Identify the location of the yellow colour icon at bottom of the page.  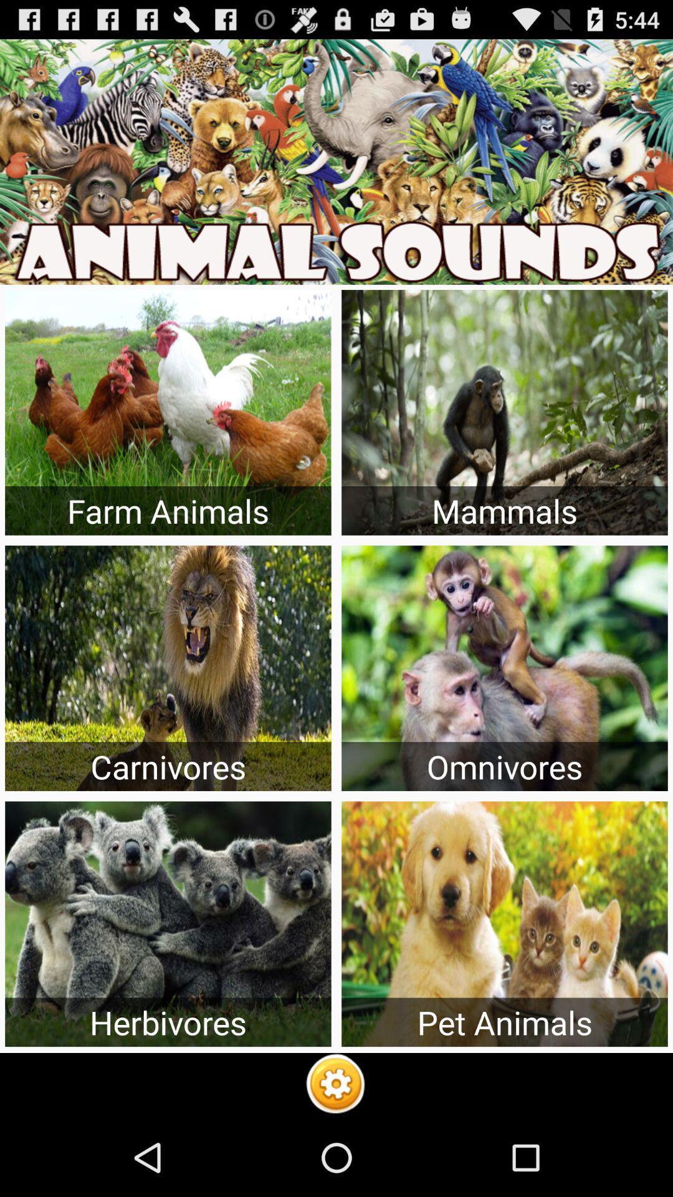
(335, 1085).